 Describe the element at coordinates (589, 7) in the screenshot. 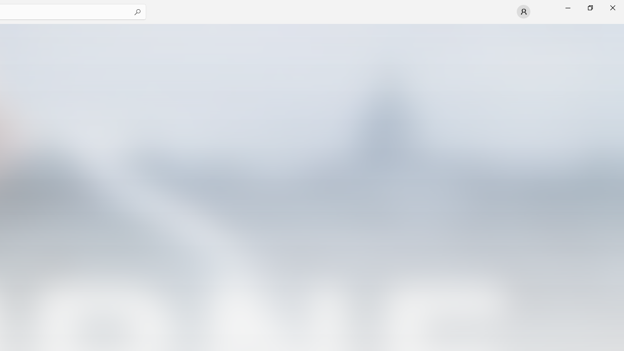

I see `'Restore Microsoft Store'` at that location.